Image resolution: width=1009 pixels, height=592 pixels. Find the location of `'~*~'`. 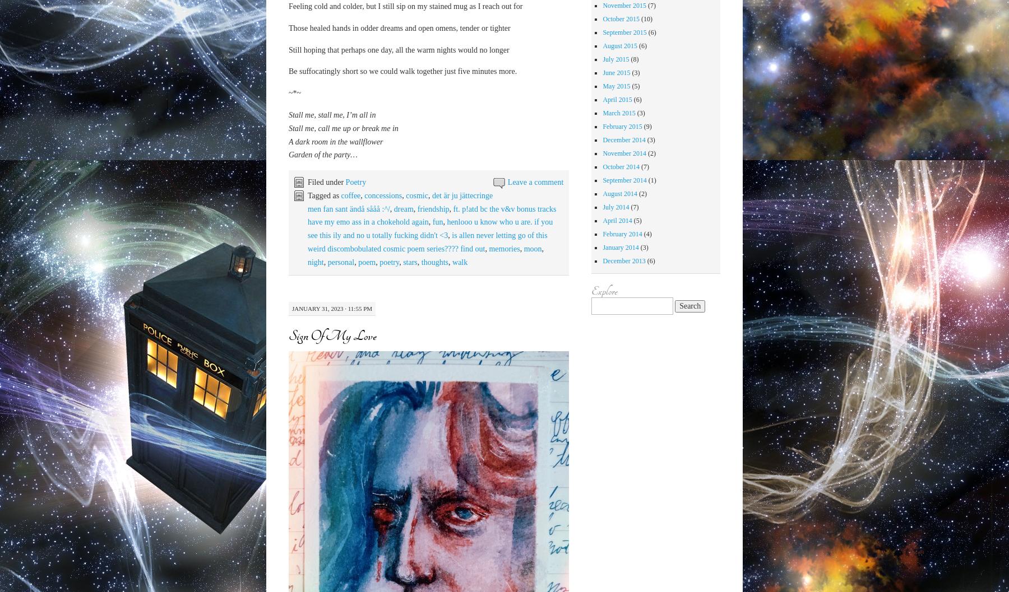

'~*~' is located at coordinates (294, 93).